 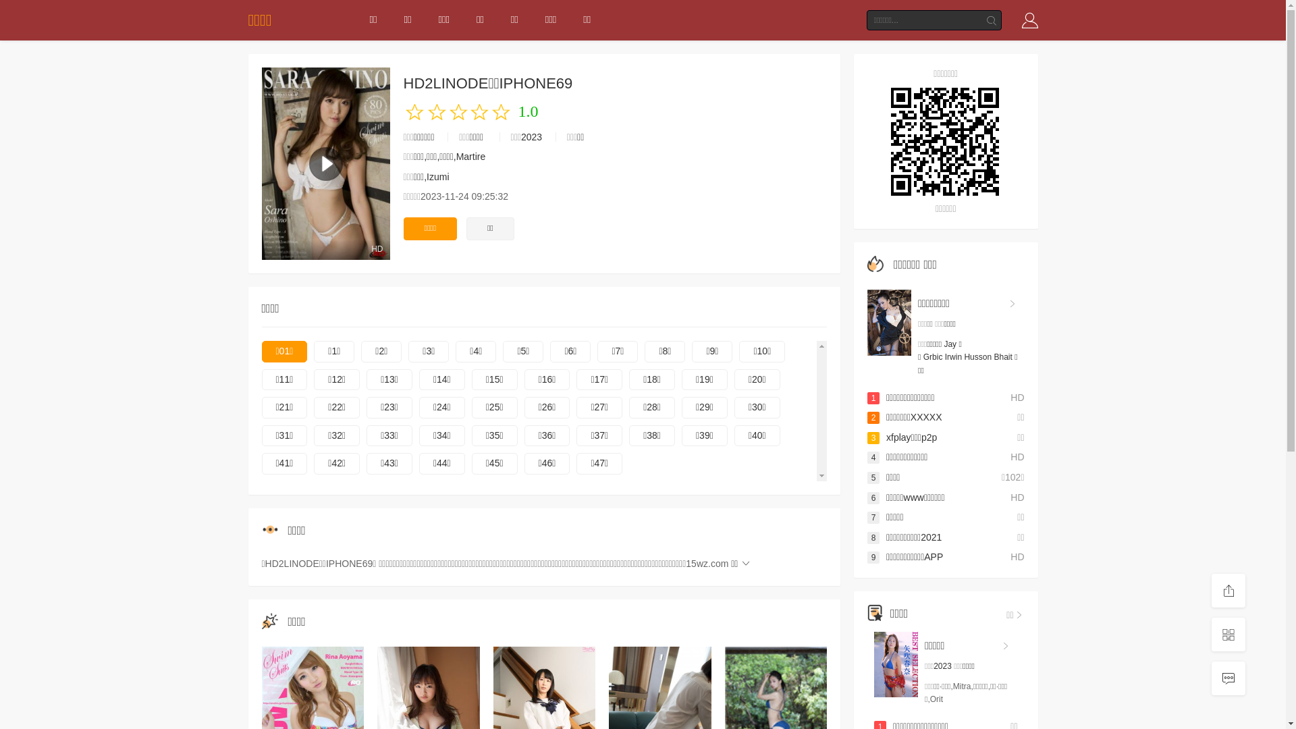 What do you see at coordinates (963, 356) in the screenshot?
I see `'Husson'` at bounding box center [963, 356].